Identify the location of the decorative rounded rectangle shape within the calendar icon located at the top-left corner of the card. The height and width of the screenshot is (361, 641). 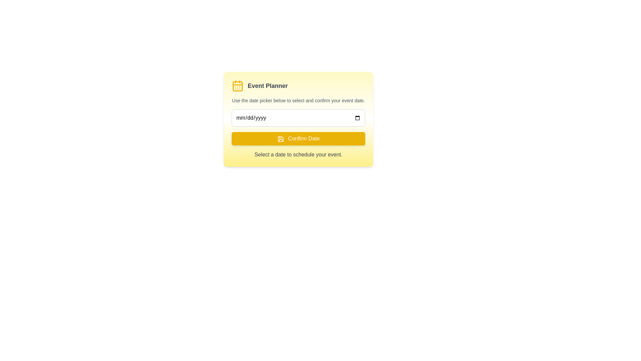
(237, 86).